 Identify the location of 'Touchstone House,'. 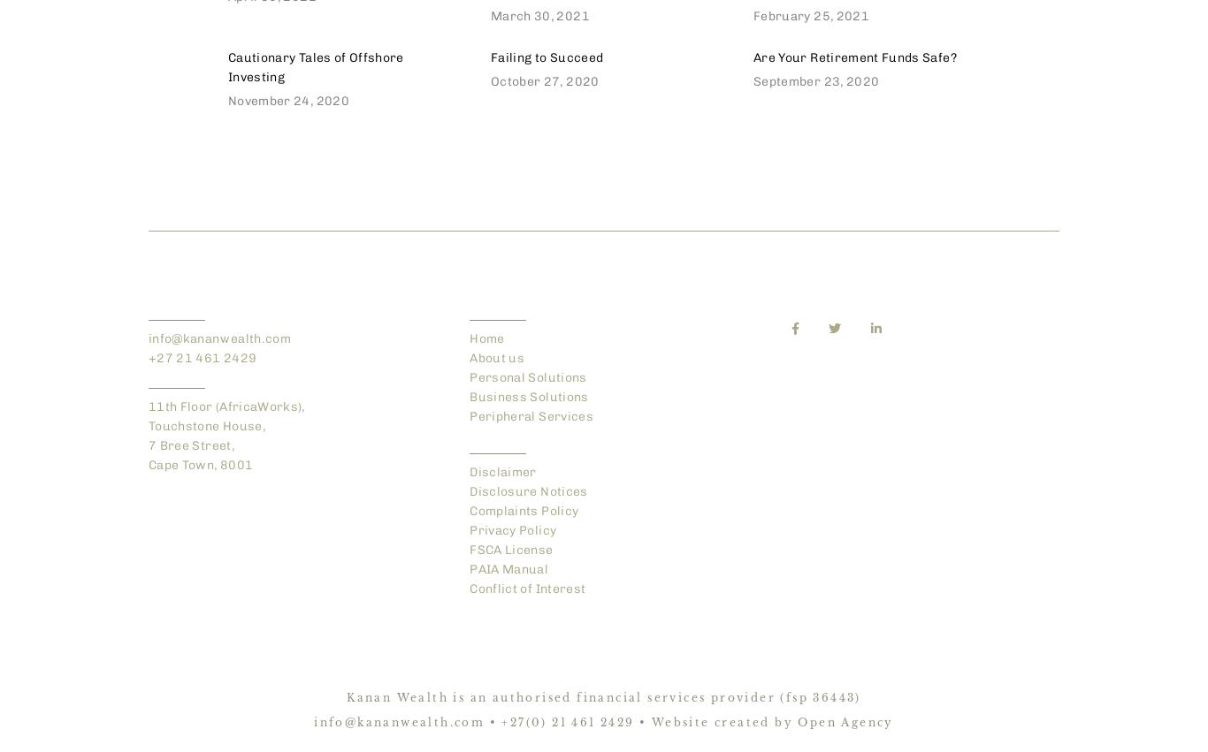
(206, 425).